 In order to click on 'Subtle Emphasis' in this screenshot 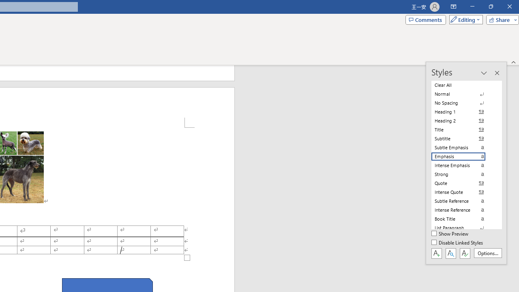, I will do `click(463, 147)`.